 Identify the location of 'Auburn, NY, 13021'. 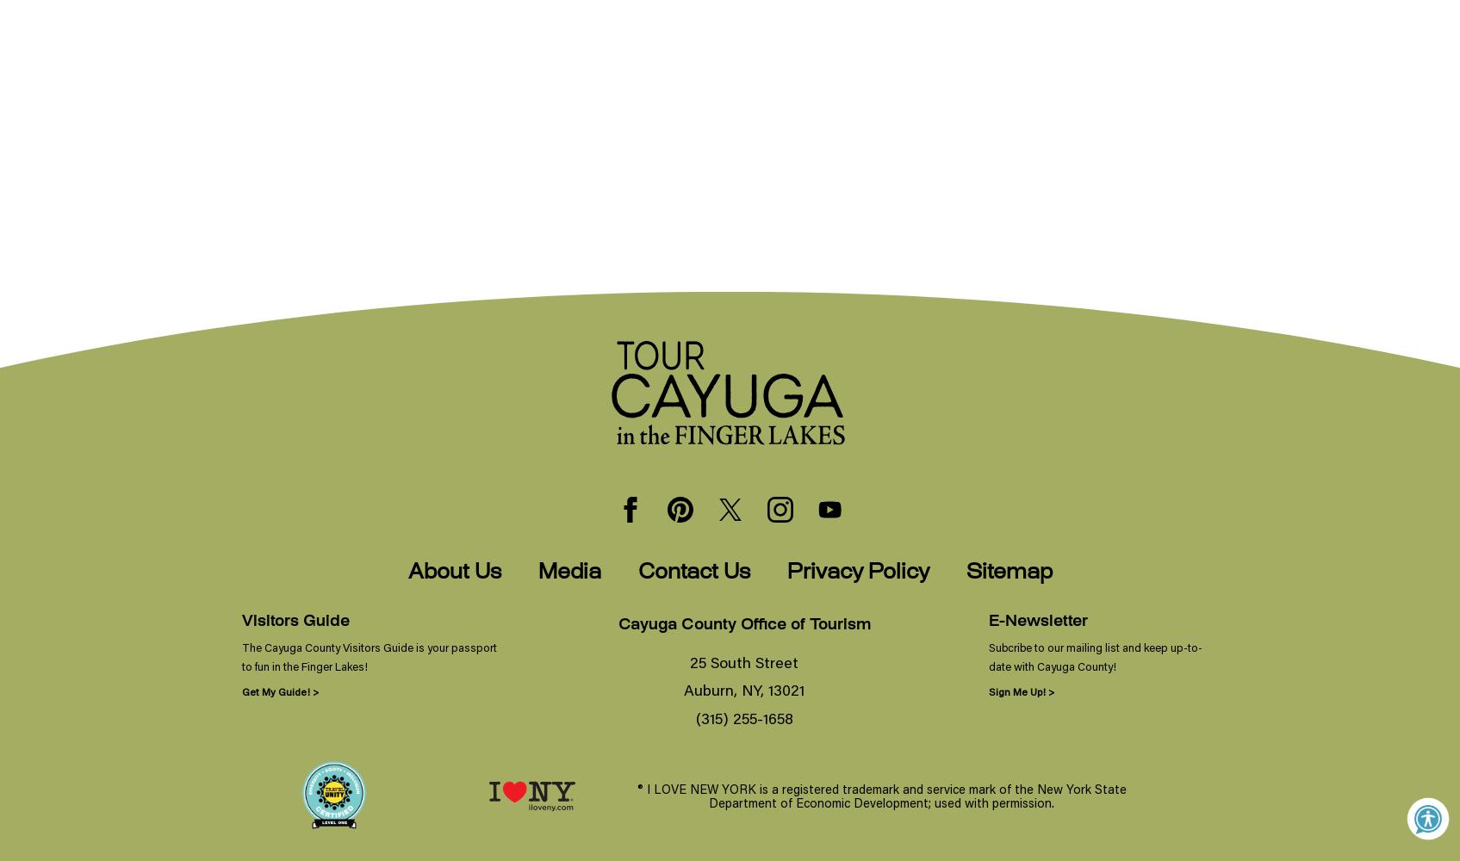
(683, 690).